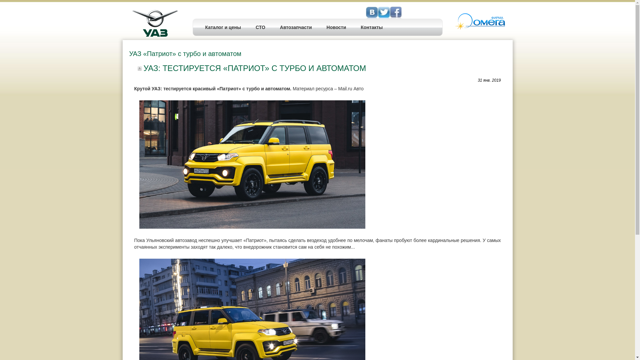 Image resolution: width=640 pixels, height=360 pixels. I want to click on 'Twitter', so click(395, 13).